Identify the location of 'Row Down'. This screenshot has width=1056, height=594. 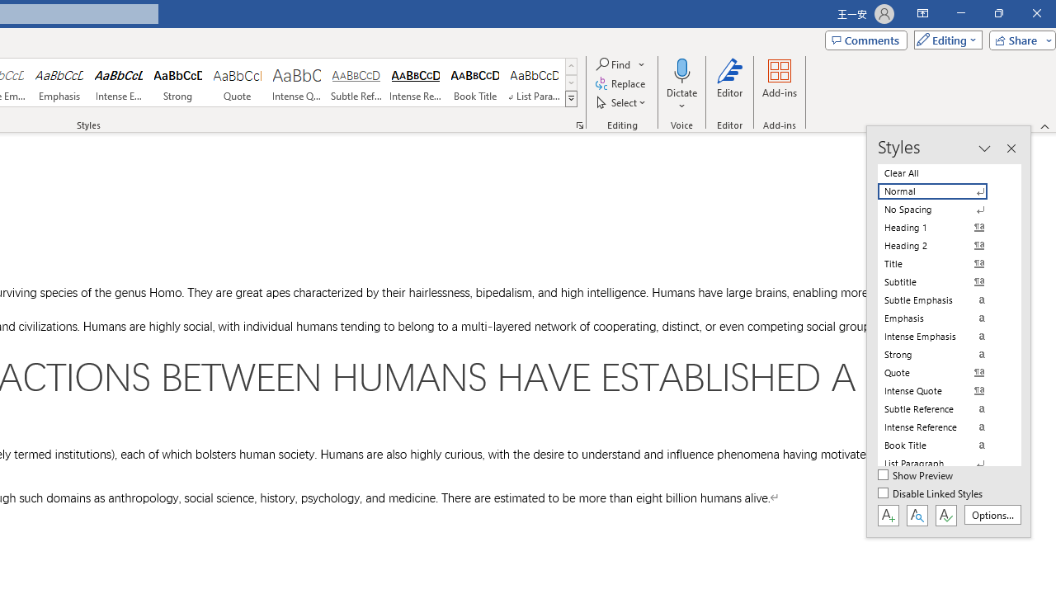
(571, 82).